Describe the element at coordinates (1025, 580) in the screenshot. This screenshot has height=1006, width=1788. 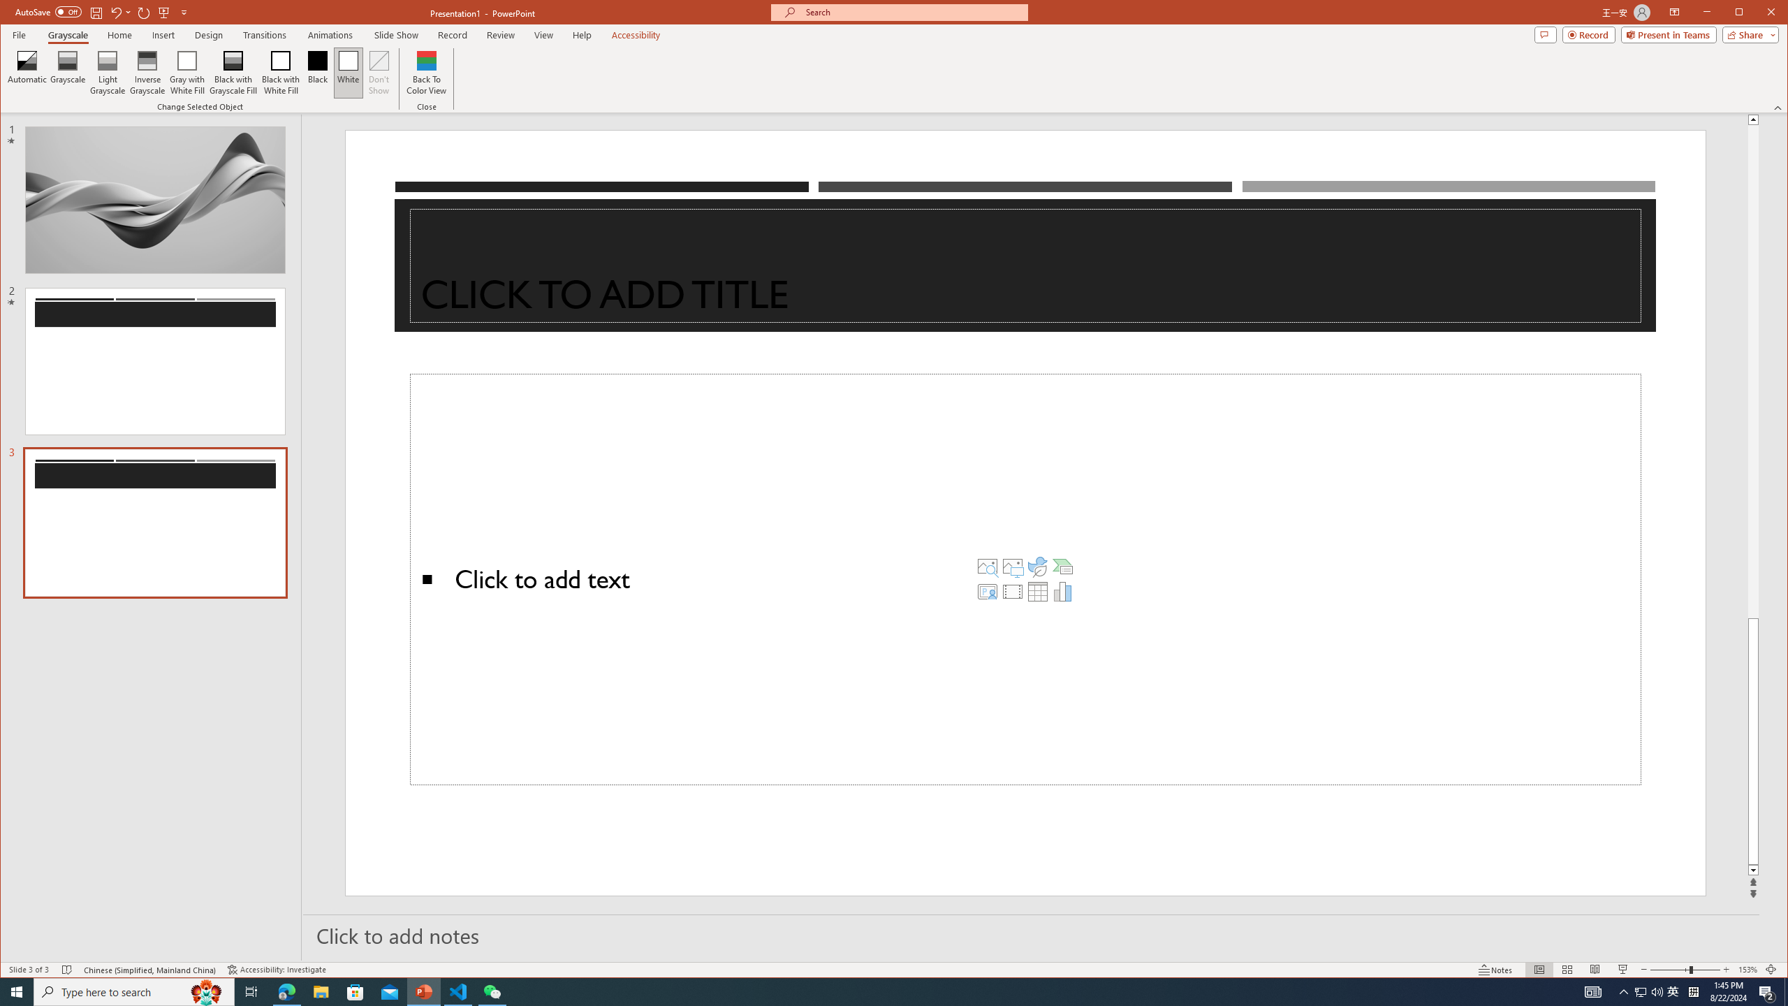
I see `'Content Placeholder'` at that location.